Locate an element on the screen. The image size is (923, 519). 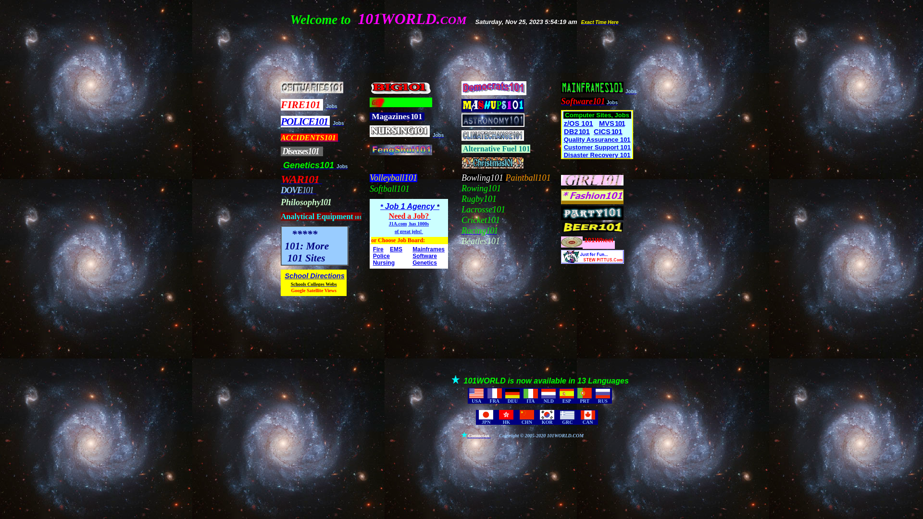
'CAN' is located at coordinates (587, 421).